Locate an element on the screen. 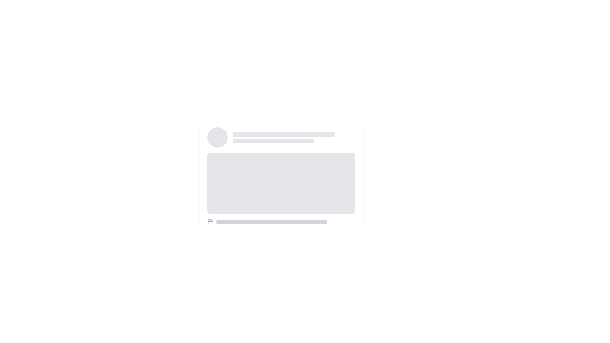 The height and width of the screenshot is (343, 610). the Placeholder Rectangle, which is a rectangular block with a light gray background and rounded corners, positioned centrally below smaller textual placeholders is located at coordinates (281, 183).